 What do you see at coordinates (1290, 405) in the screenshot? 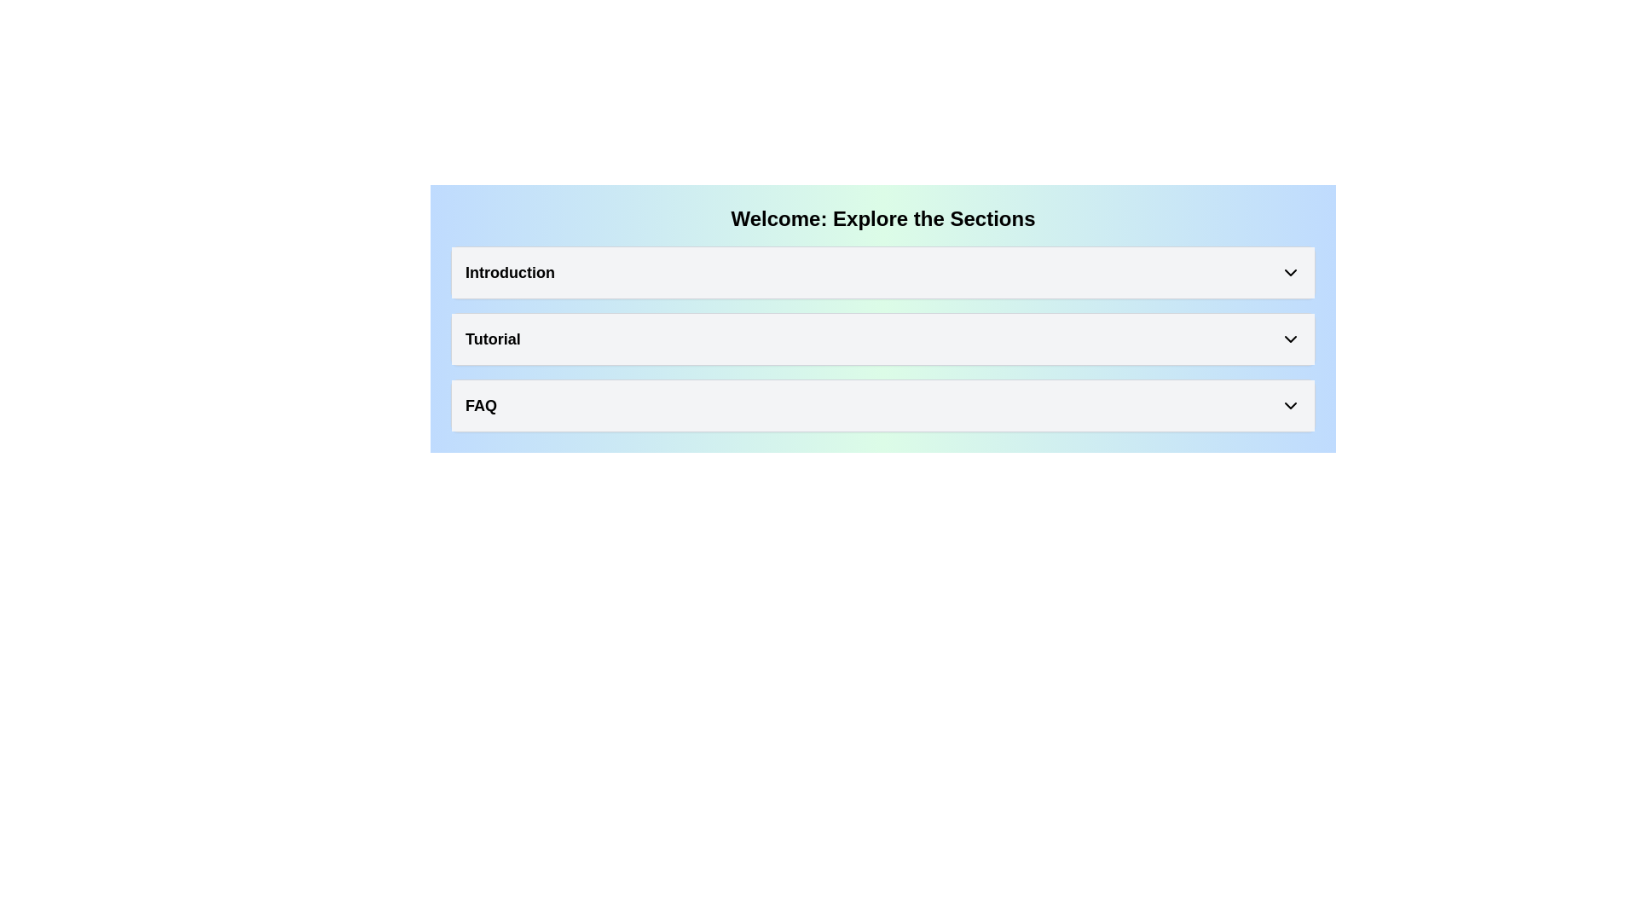
I see `the chevron-down icon that indicates an expandable or collapsible FAQ section, located near the right side of the 'FAQ' text` at bounding box center [1290, 405].